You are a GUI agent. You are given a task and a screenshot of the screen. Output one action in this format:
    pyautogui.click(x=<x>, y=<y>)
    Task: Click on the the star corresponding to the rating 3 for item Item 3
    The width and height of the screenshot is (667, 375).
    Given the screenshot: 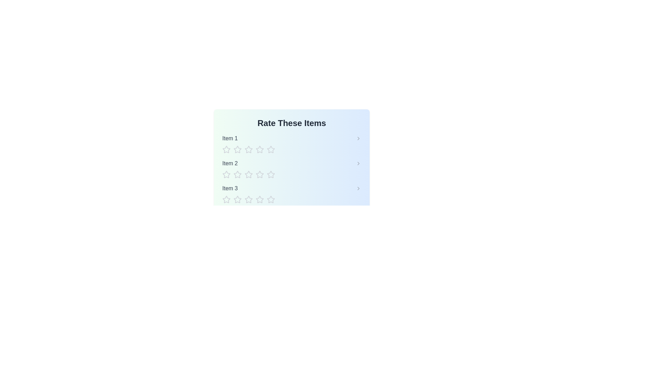 What is the action you would take?
    pyautogui.click(x=248, y=199)
    